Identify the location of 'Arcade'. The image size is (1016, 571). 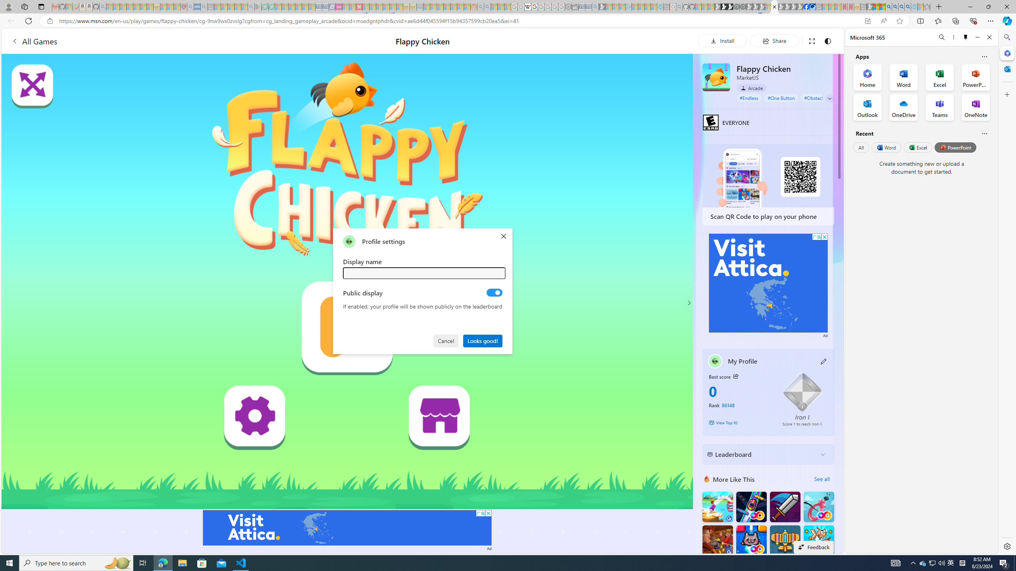
(751, 88).